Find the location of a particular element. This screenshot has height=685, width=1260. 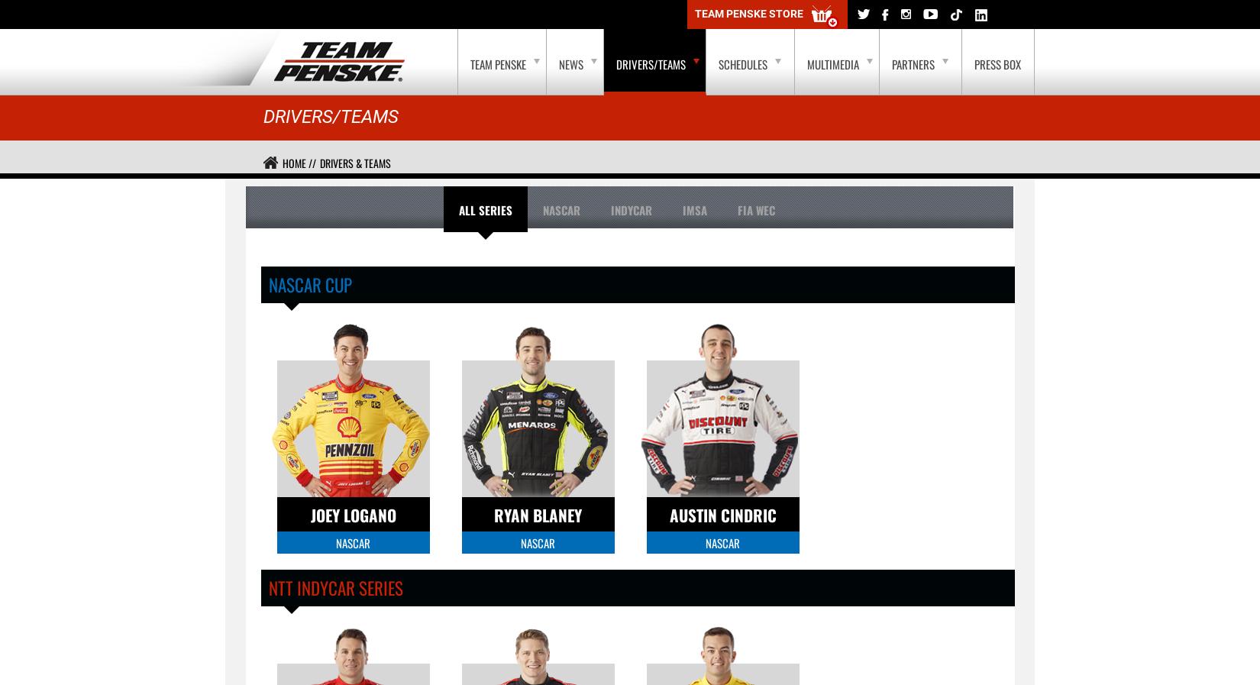

'Drivers/Teams' is located at coordinates (330, 116).